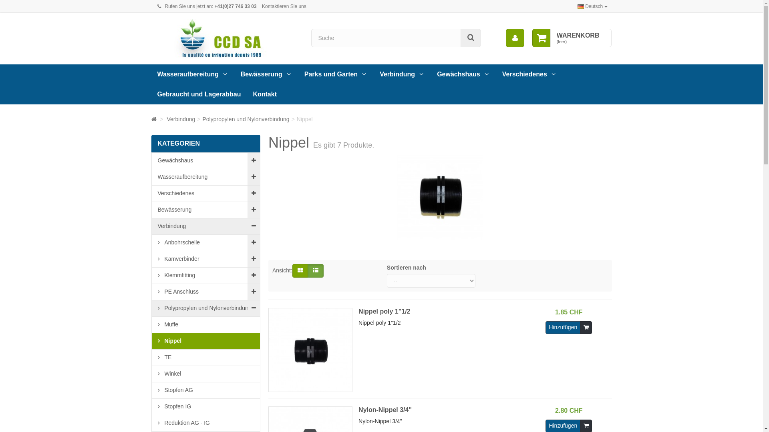  I want to click on 'Suche', so click(471, 38).